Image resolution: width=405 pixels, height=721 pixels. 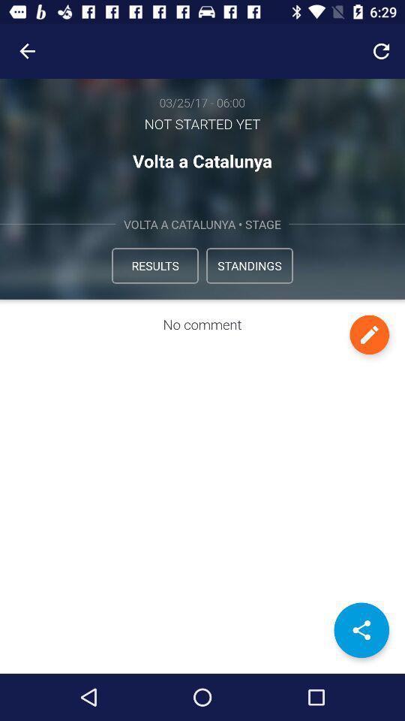 I want to click on the icon below volta a catalunya, so click(x=250, y=265).